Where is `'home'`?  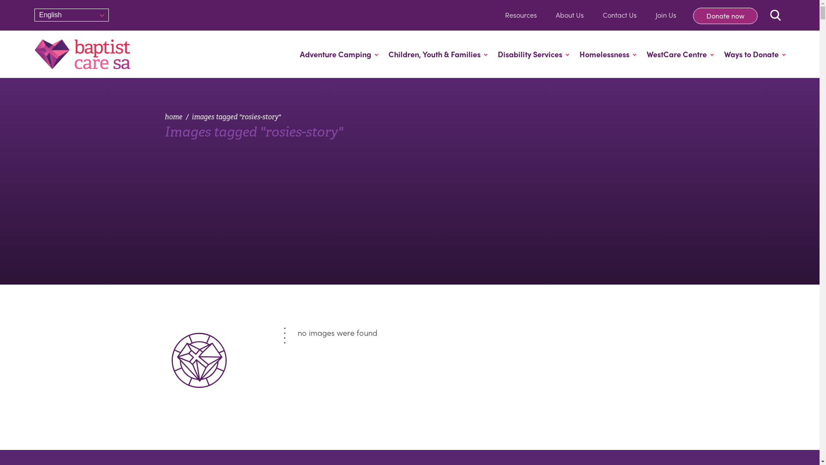
'home' is located at coordinates (173, 117).